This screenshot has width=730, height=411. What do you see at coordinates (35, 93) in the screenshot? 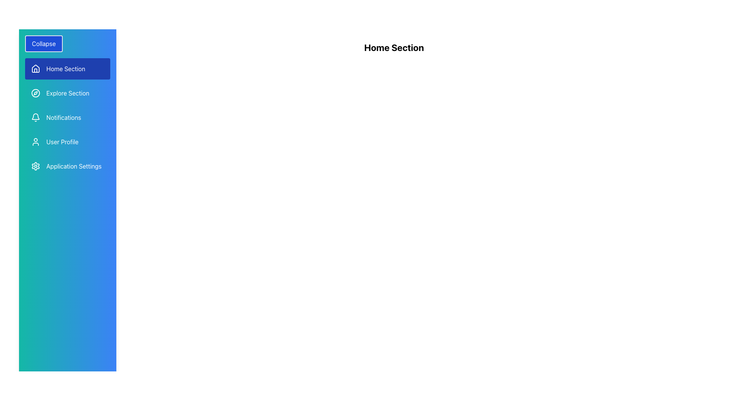
I see `circular shape of the compass icon located in the 'Explore Section' of the sidebar menu using developer tools` at bounding box center [35, 93].